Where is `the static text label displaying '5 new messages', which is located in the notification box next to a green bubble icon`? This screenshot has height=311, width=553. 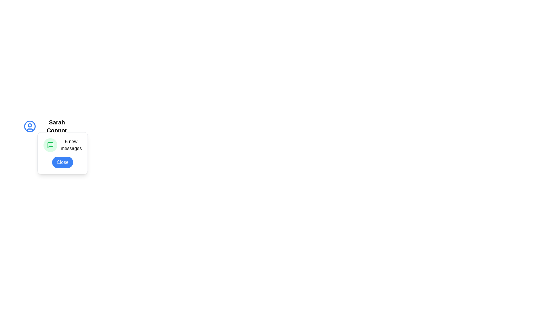 the static text label displaying '5 new messages', which is located in the notification box next to a green bubble icon is located at coordinates (71, 145).